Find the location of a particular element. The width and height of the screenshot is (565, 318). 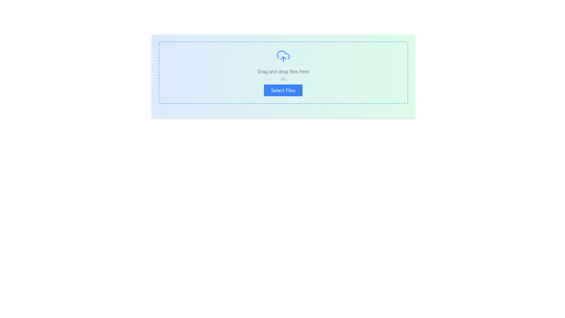

files onto the file upload area, which features a gradient background, dashed border, and a centered upload icon, as well as the text 'Drag and drop files here', 'or', and a 'Select Files' button is located at coordinates (283, 76).